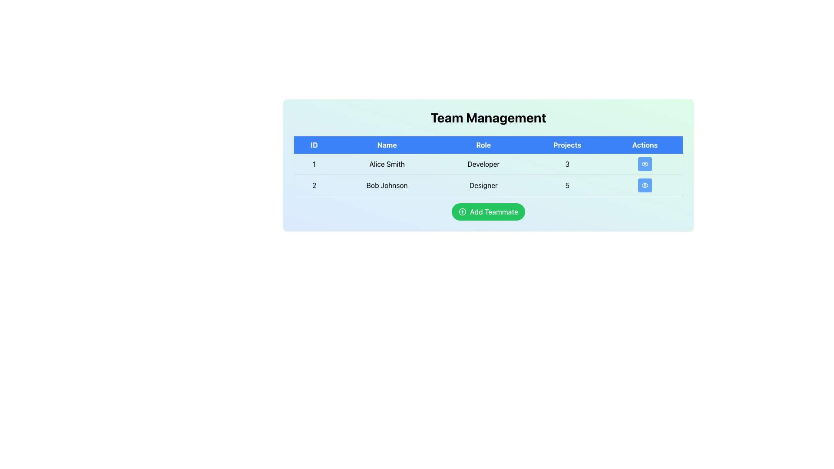 The height and width of the screenshot is (469, 834). Describe the element at coordinates (567, 144) in the screenshot. I see `the 'Projects' header, which is the fourth item in a row of headers with a blue background and bold white text, situated between the 'Role' and 'Actions' headers` at that location.